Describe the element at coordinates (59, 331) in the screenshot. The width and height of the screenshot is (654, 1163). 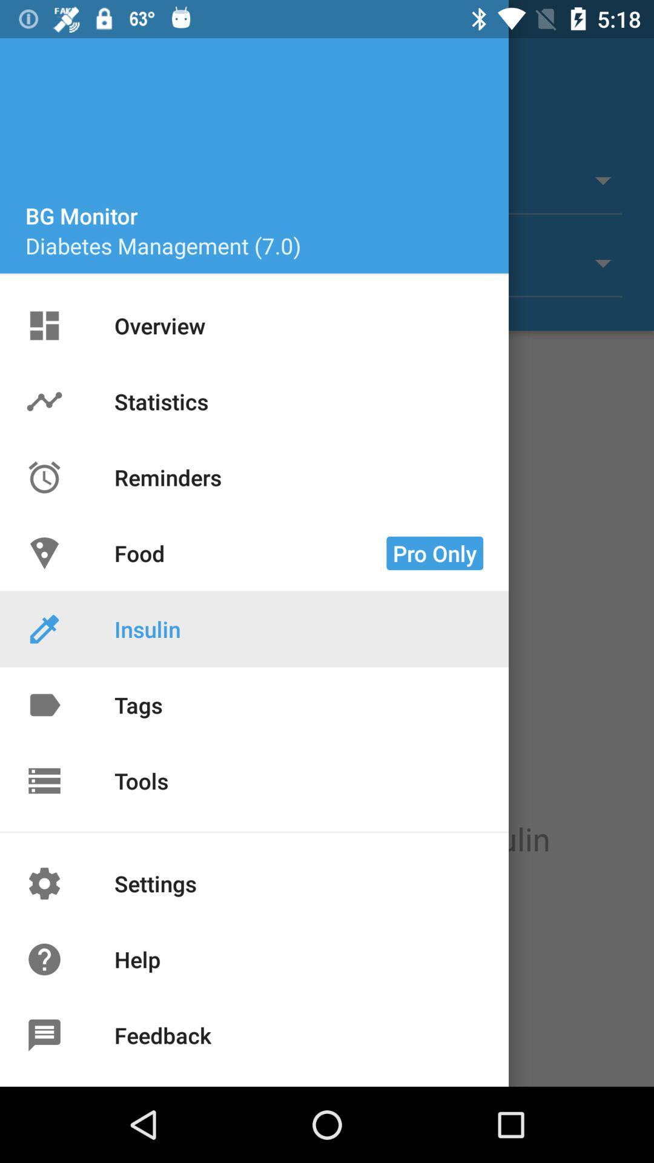
I see `the dashboard icon` at that location.